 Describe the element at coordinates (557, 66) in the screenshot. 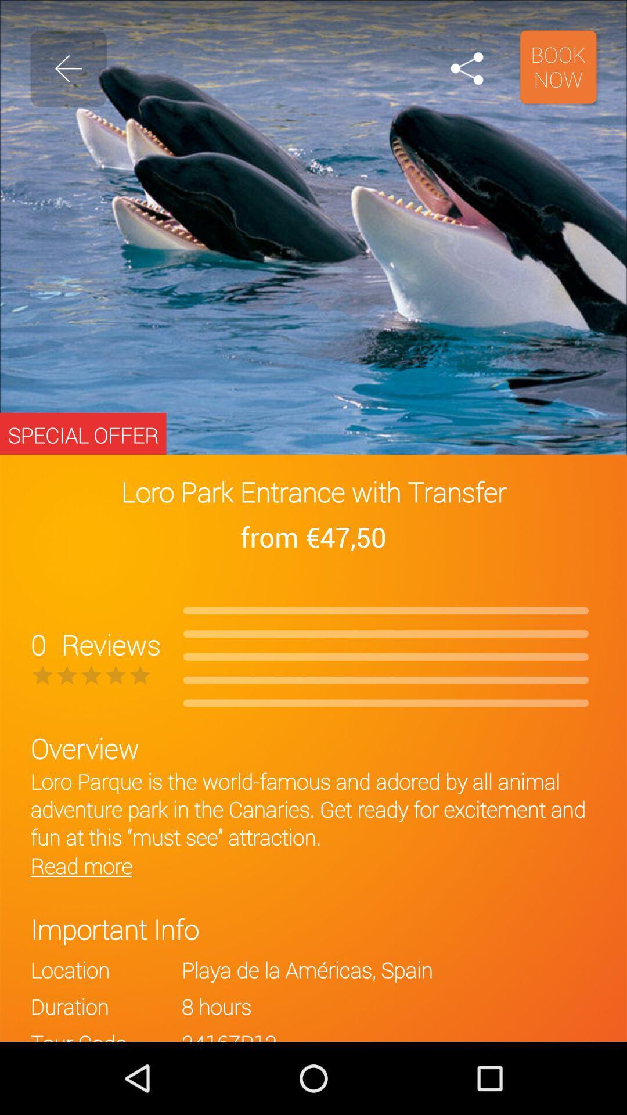

I see `book now` at that location.